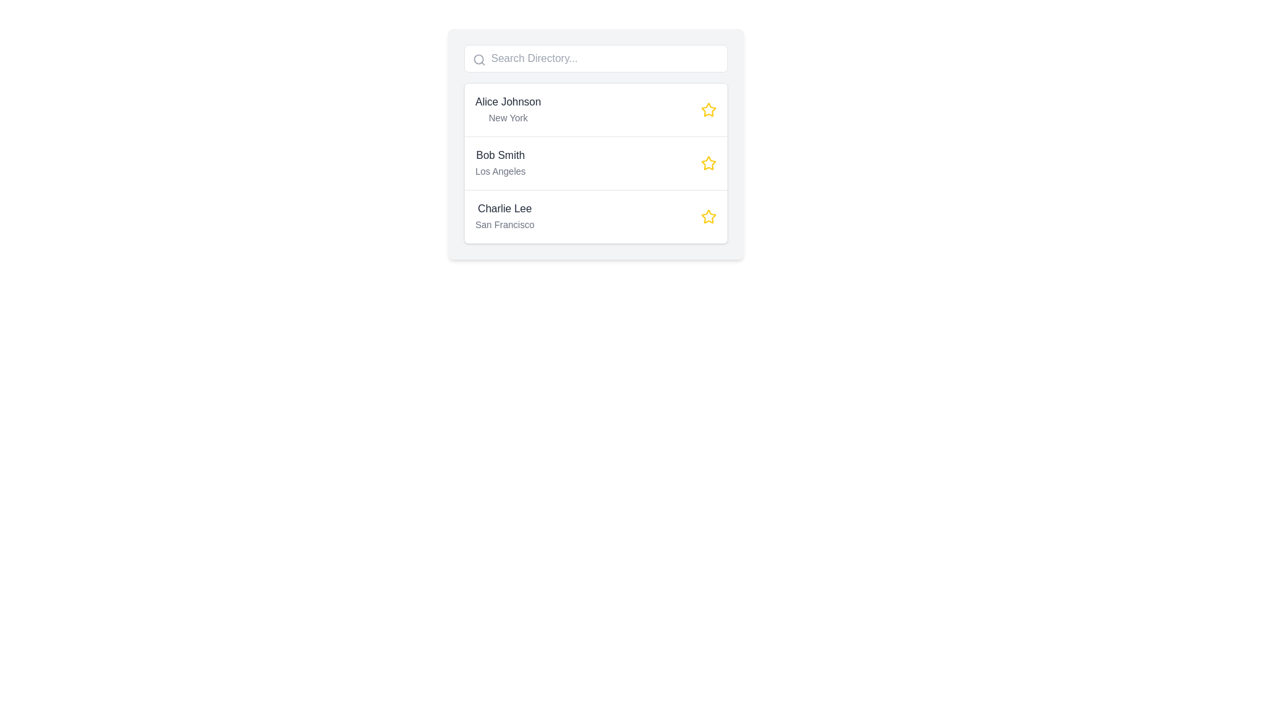  What do you see at coordinates (708, 216) in the screenshot?
I see `the star icon located at the far-right side of the entry labeled 'Charlie Lee' and 'San Francisco'` at bounding box center [708, 216].